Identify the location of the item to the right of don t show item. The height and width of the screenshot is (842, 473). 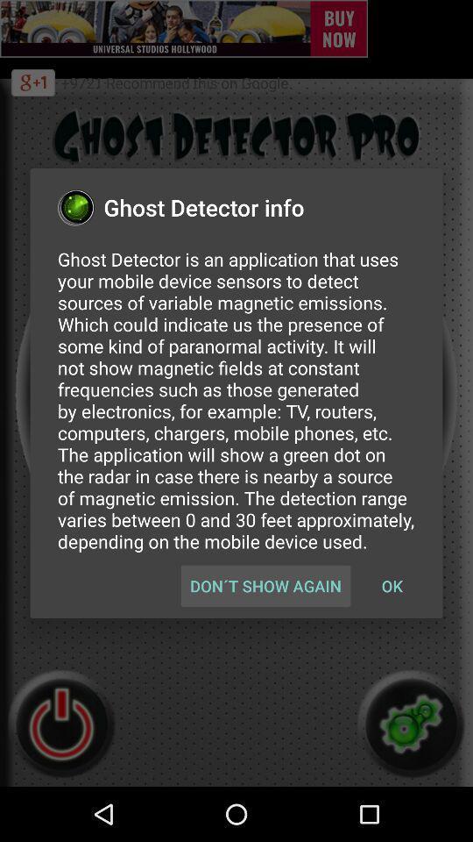
(392, 586).